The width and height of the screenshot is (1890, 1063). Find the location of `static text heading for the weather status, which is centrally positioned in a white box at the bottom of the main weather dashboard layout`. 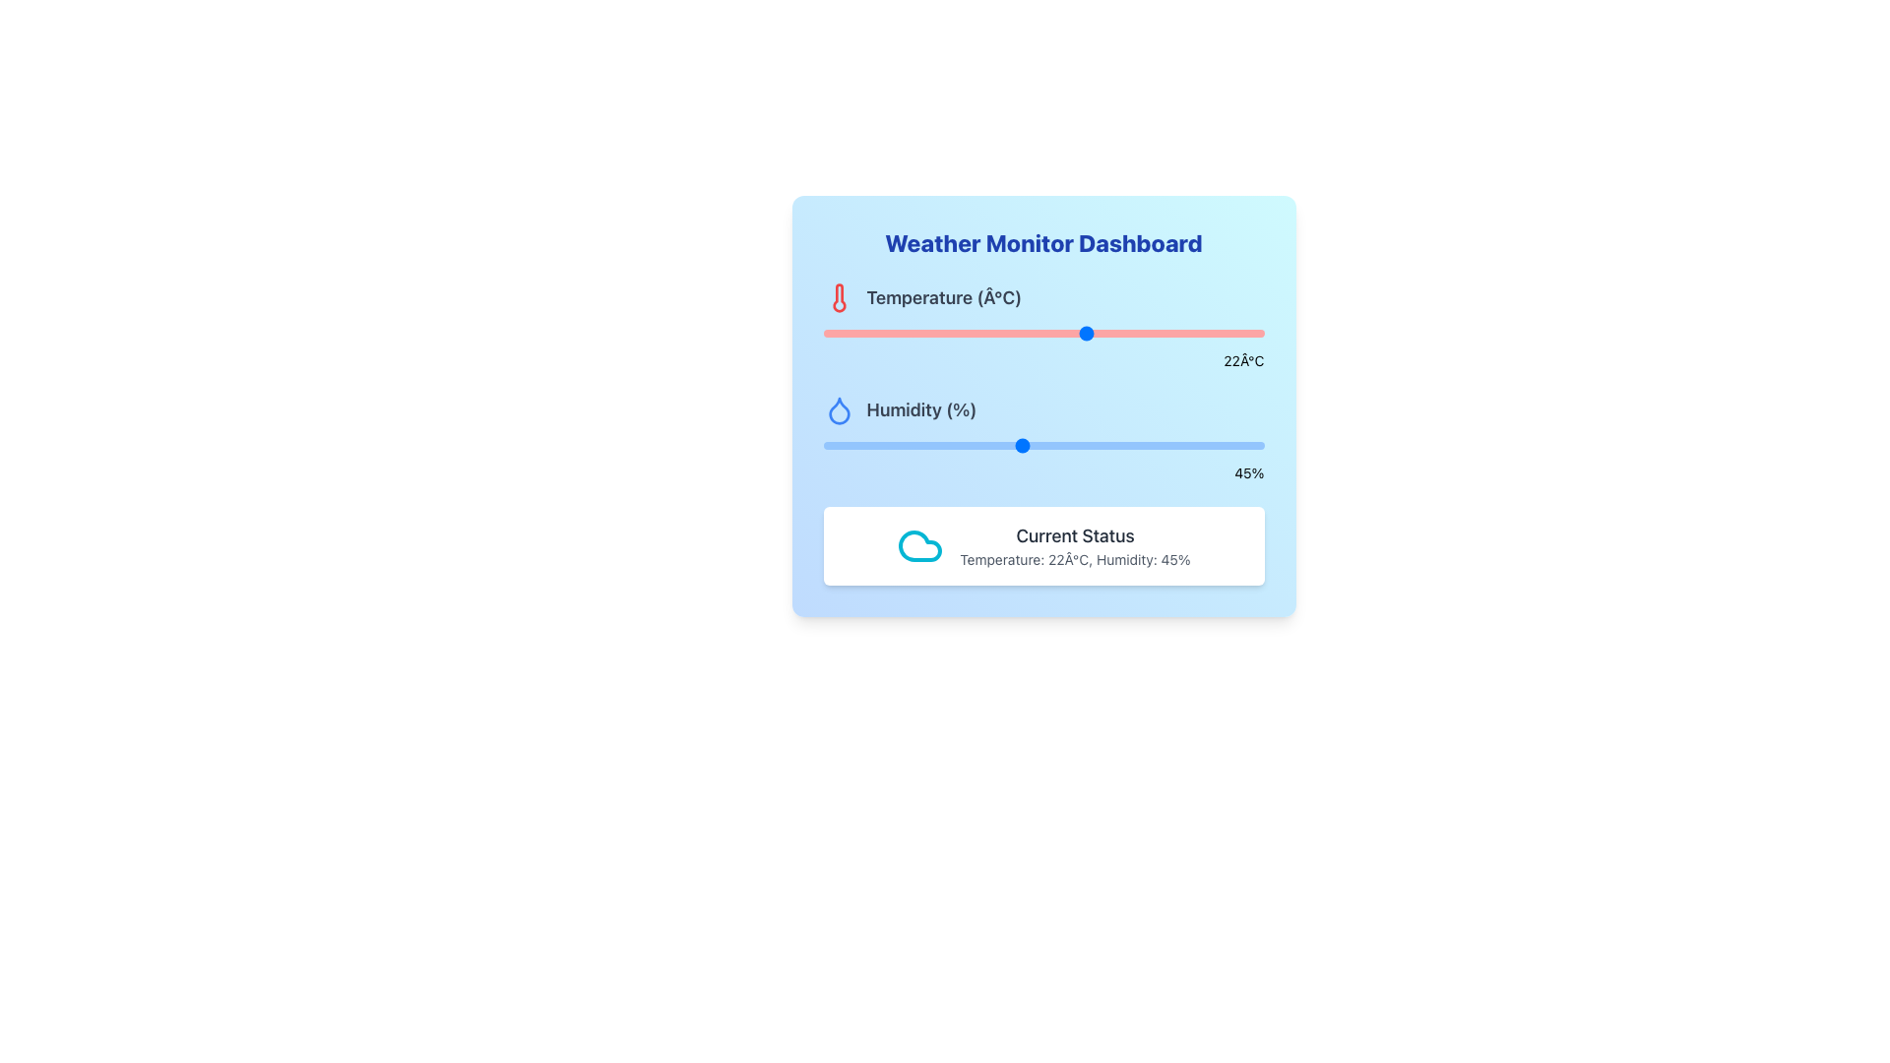

static text heading for the weather status, which is centrally positioned in a white box at the bottom of the main weather dashboard layout is located at coordinates (1074, 535).